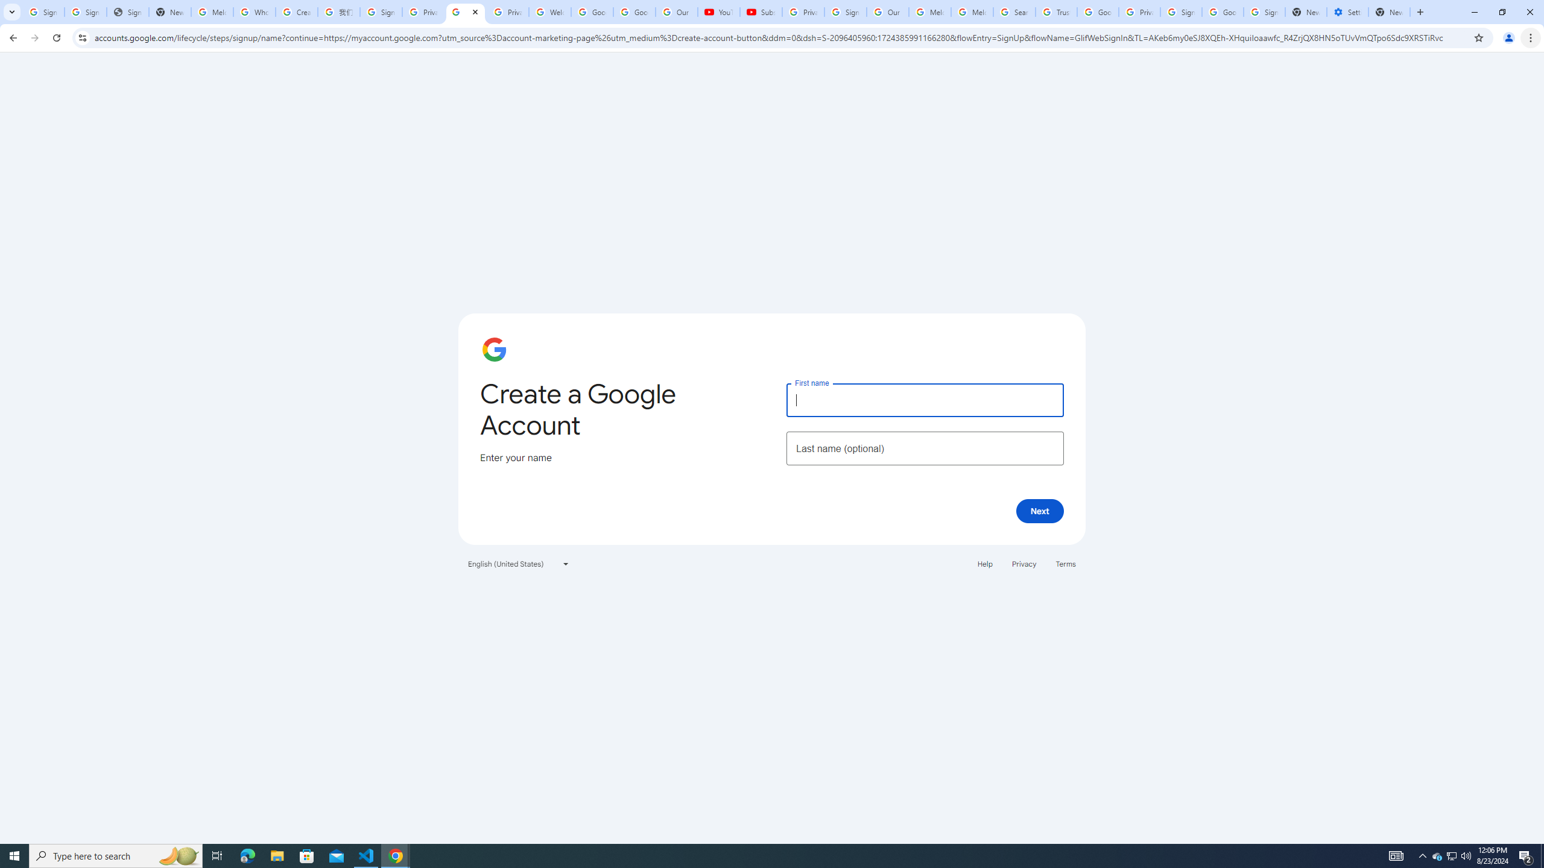 The image size is (1544, 868). Describe the element at coordinates (718, 11) in the screenshot. I see `'YouTube'` at that location.